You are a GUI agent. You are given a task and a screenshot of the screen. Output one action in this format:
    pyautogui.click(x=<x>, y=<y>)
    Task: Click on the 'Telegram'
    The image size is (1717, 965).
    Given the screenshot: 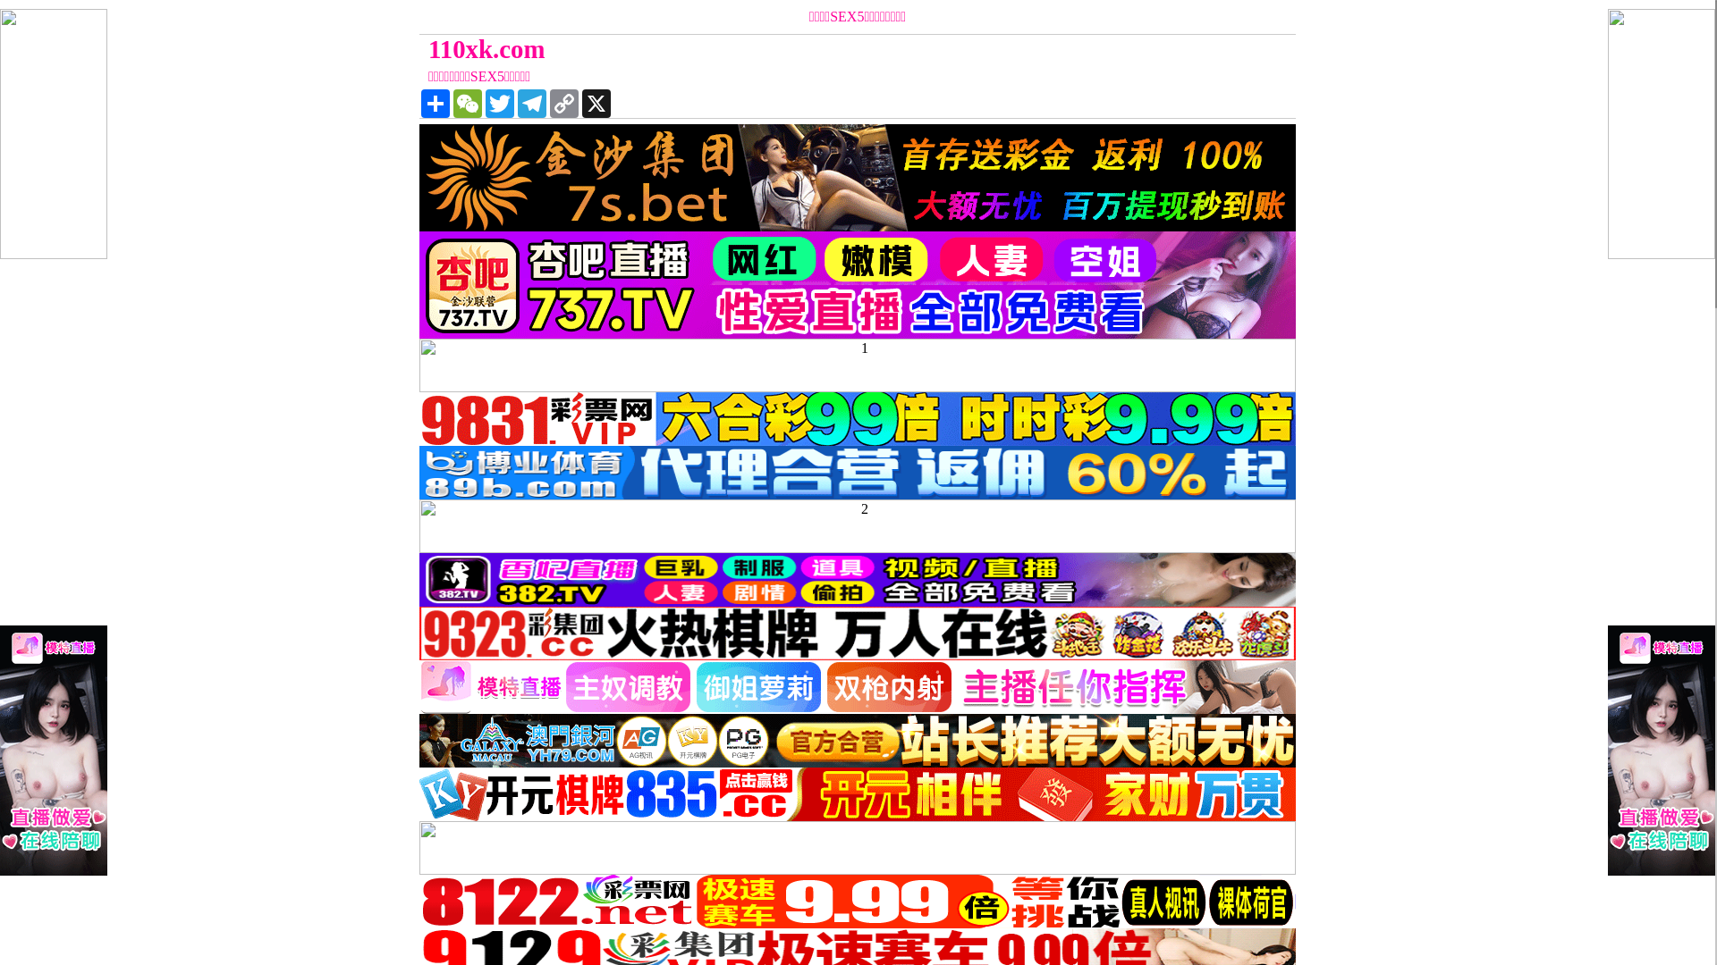 What is the action you would take?
    pyautogui.click(x=531, y=103)
    